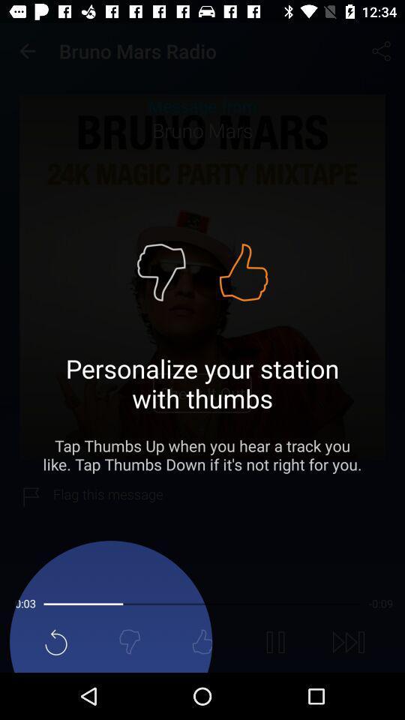  Describe the element at coordinates (129, 641) in the screenshot. I see `the thumbs_down icon` at that location.